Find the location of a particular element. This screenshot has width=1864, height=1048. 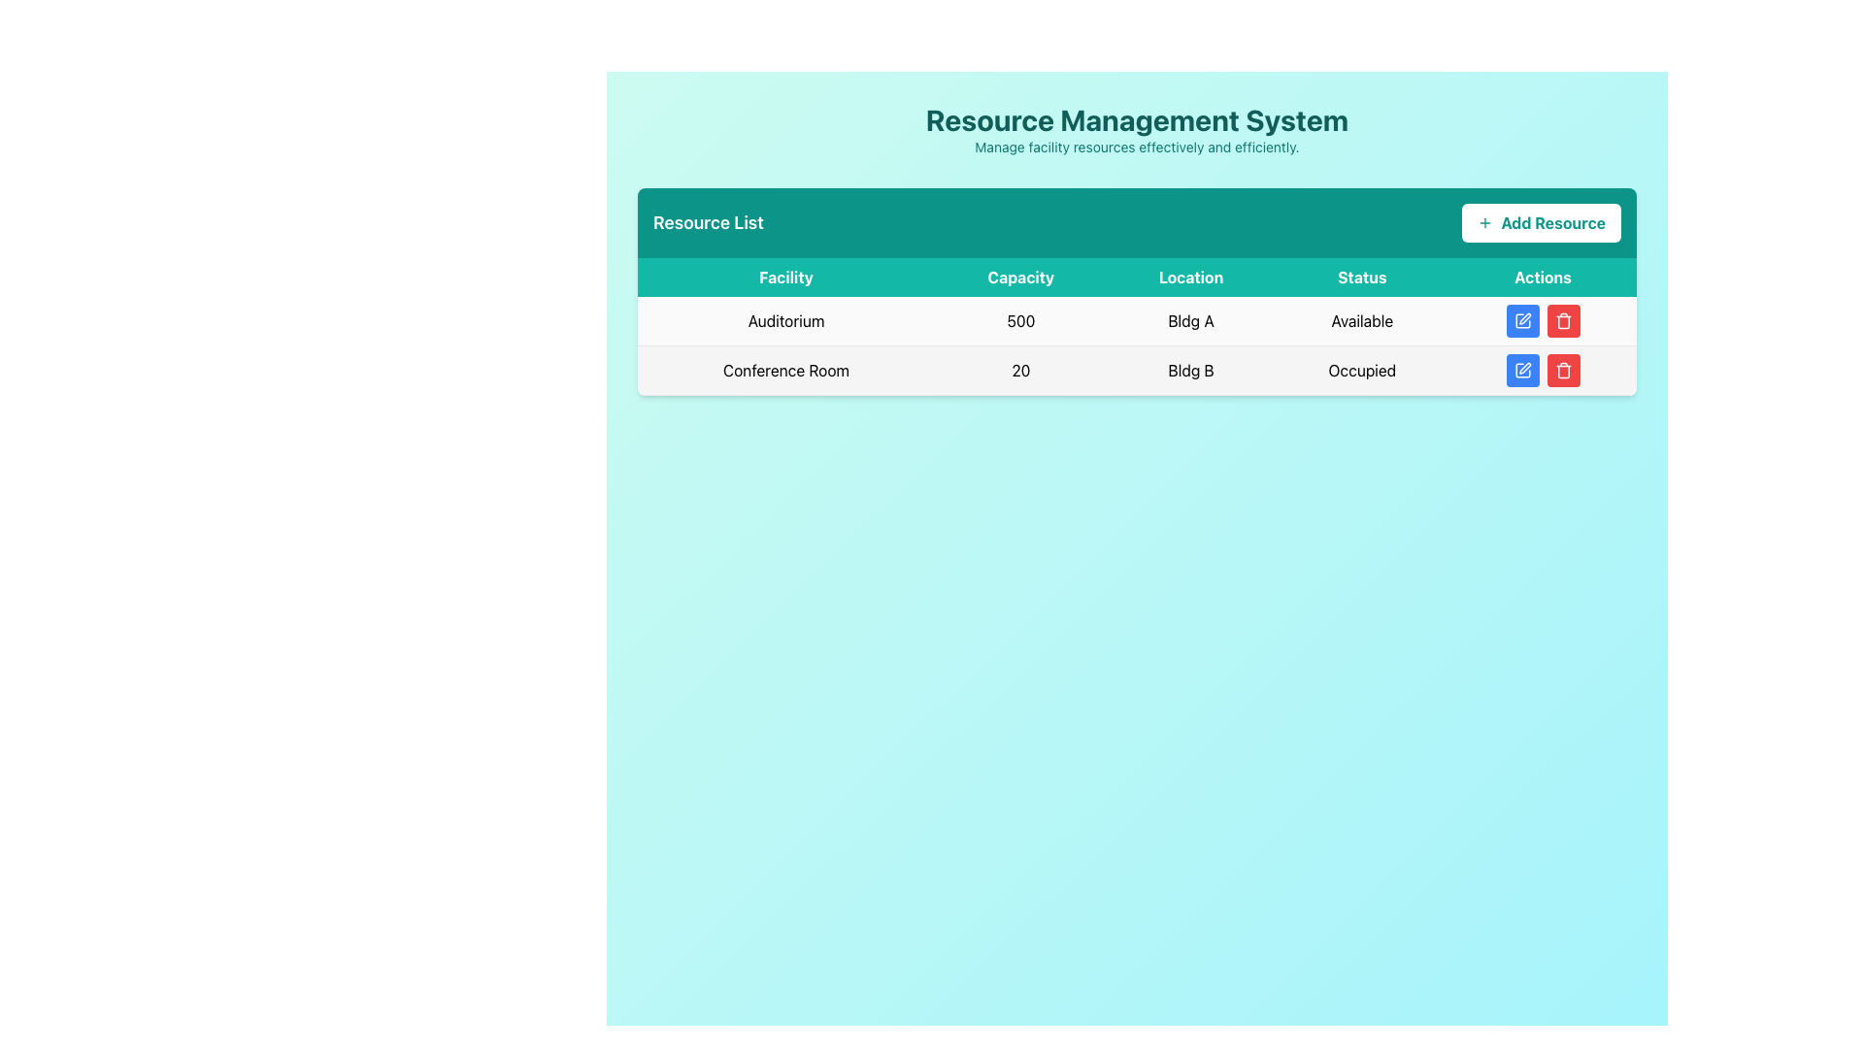

the header text 'Resource Management System' which is a bold, large-sized teal colored text aligned centrally at the top of the interface is located at coordinates (1137, 119).